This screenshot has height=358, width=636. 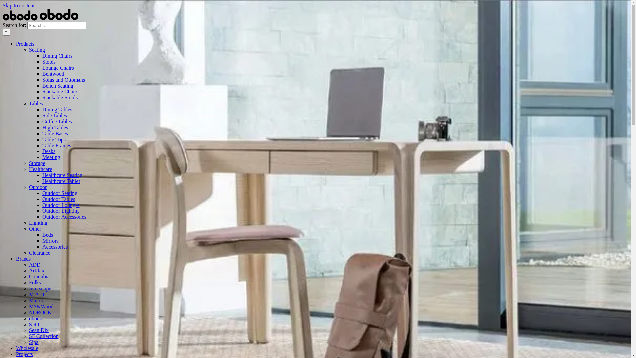 I want to click on 'Folks', so click(x=34, y=282).